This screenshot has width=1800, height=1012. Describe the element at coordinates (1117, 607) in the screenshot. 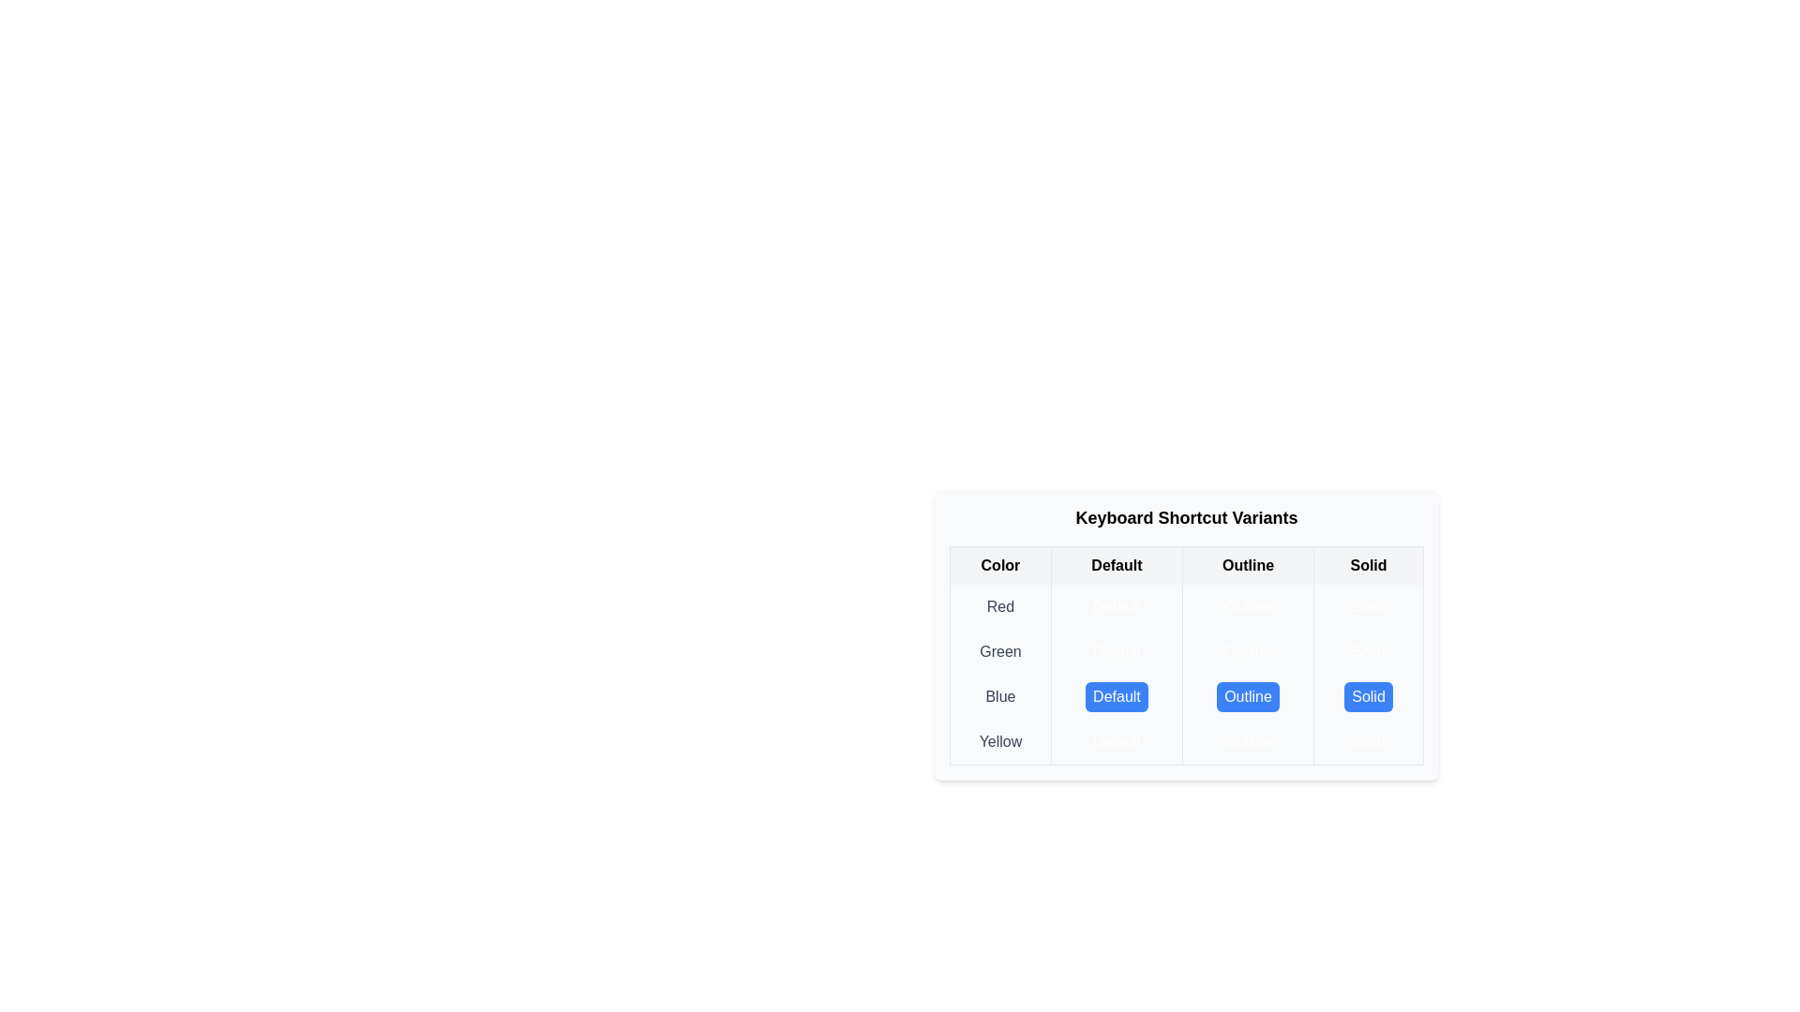

I see `text label that reads 'Default' located in the second cell of the 'Red' row within a grid layout` at that location.